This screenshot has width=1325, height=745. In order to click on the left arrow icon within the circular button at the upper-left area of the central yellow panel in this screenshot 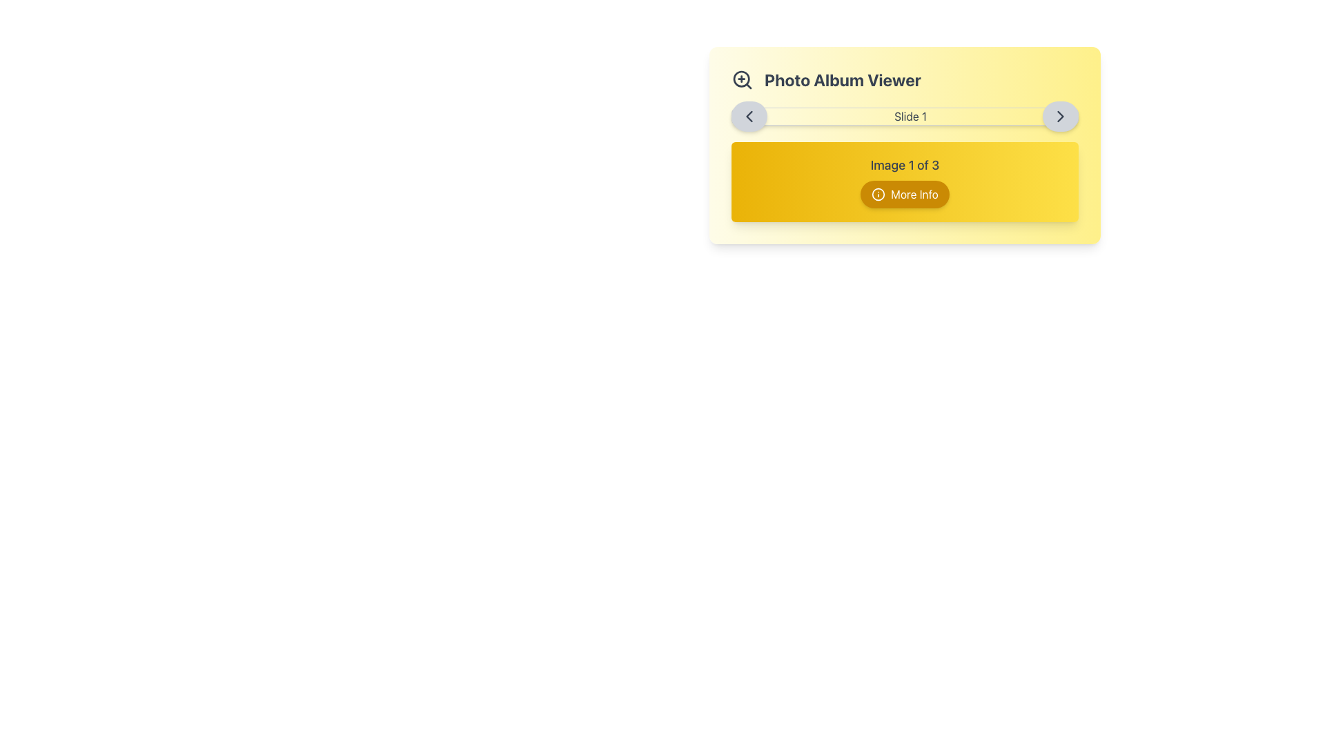, I will do `click(748, 116)`.